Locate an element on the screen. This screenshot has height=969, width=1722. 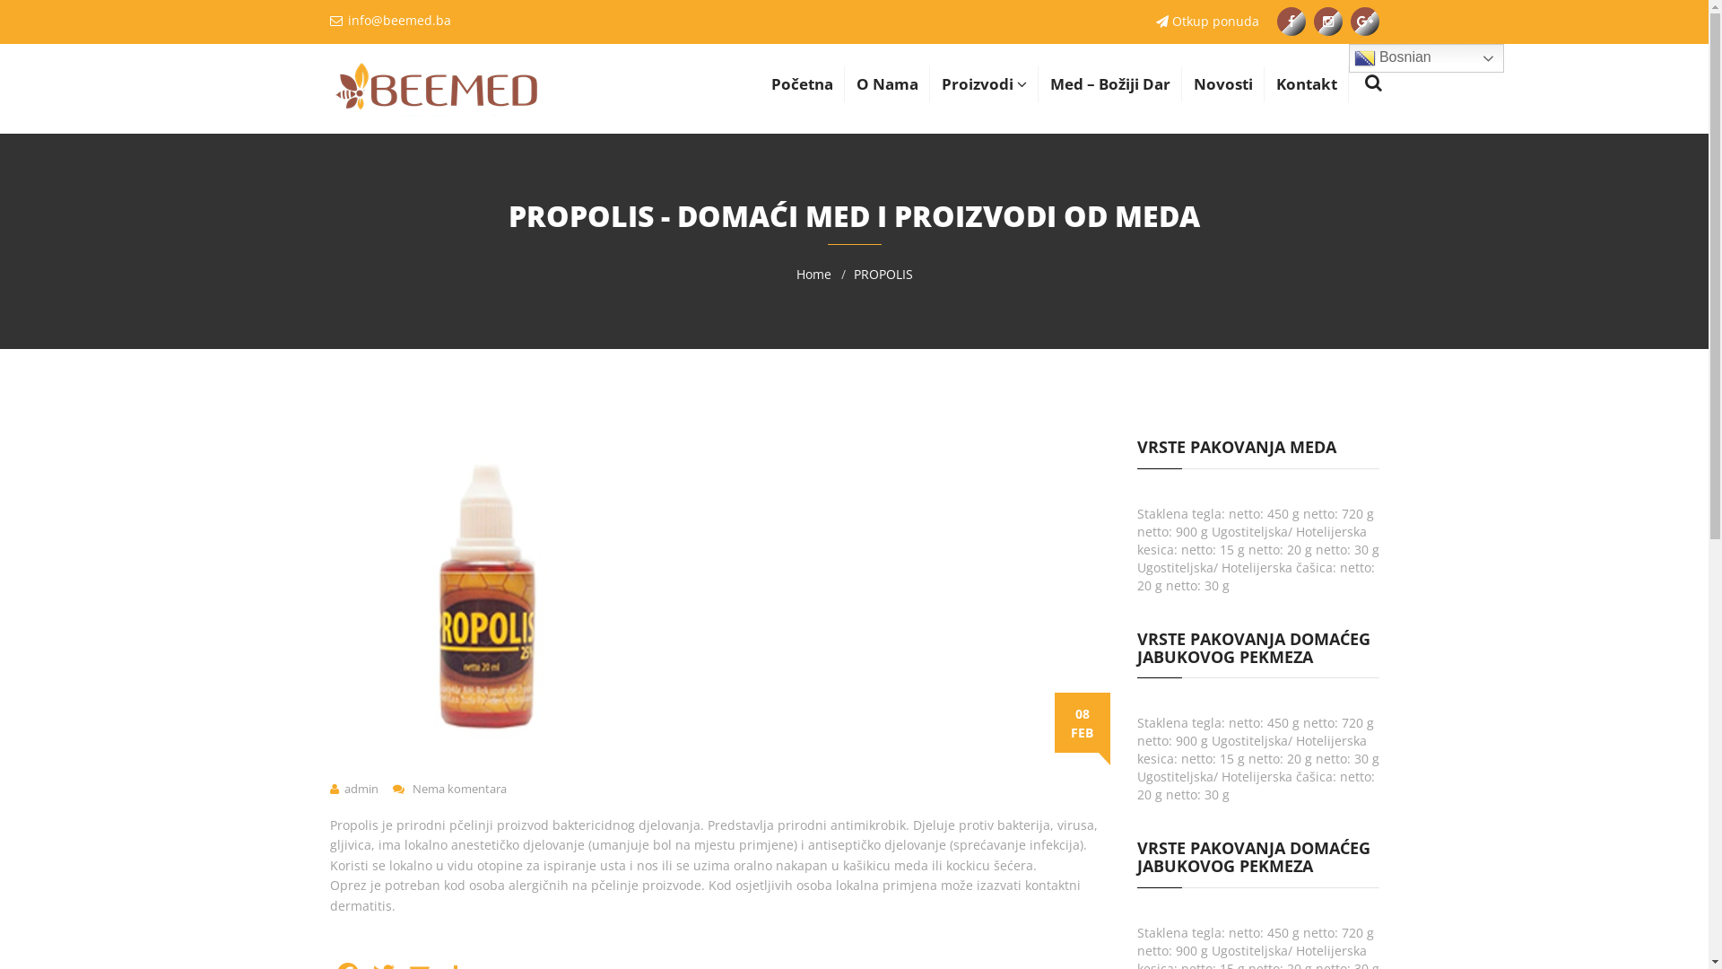
'Bosnian' is located at coordinates (1425, 57).